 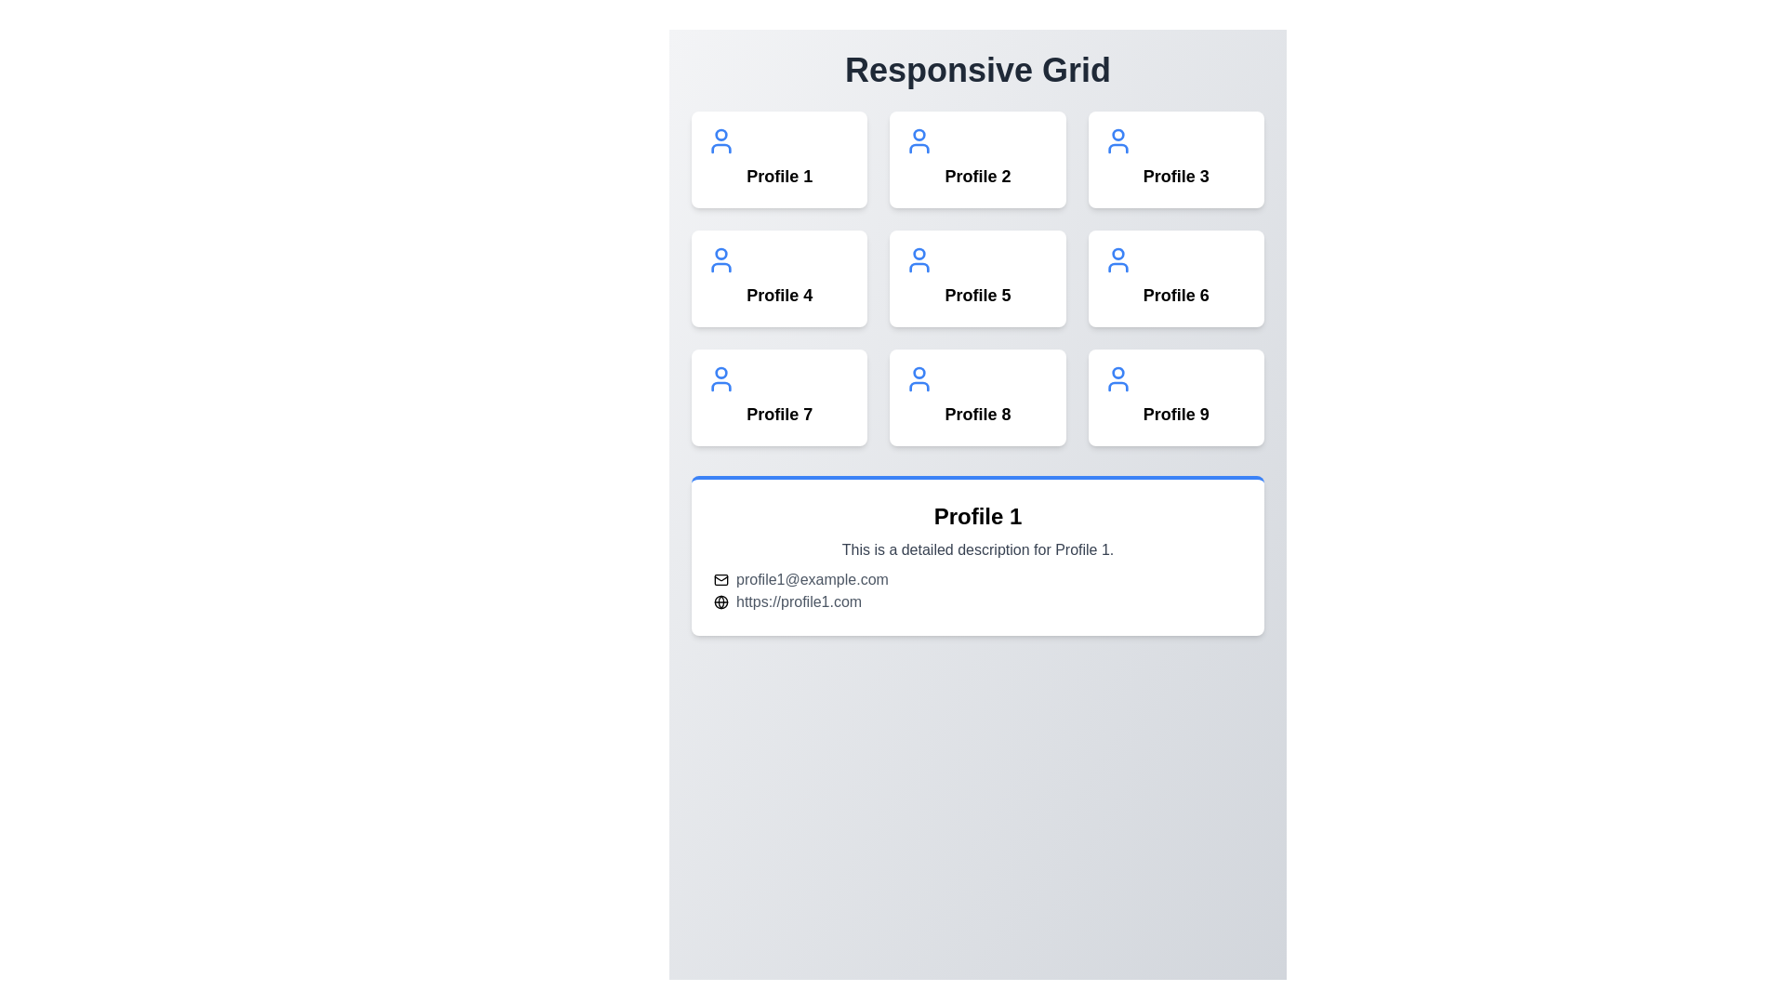 What do you see at coordinates (976, 414) in the screenshot?
I see `the bold text element displaying 'Profile 8'` at bounding box center [976, 414].